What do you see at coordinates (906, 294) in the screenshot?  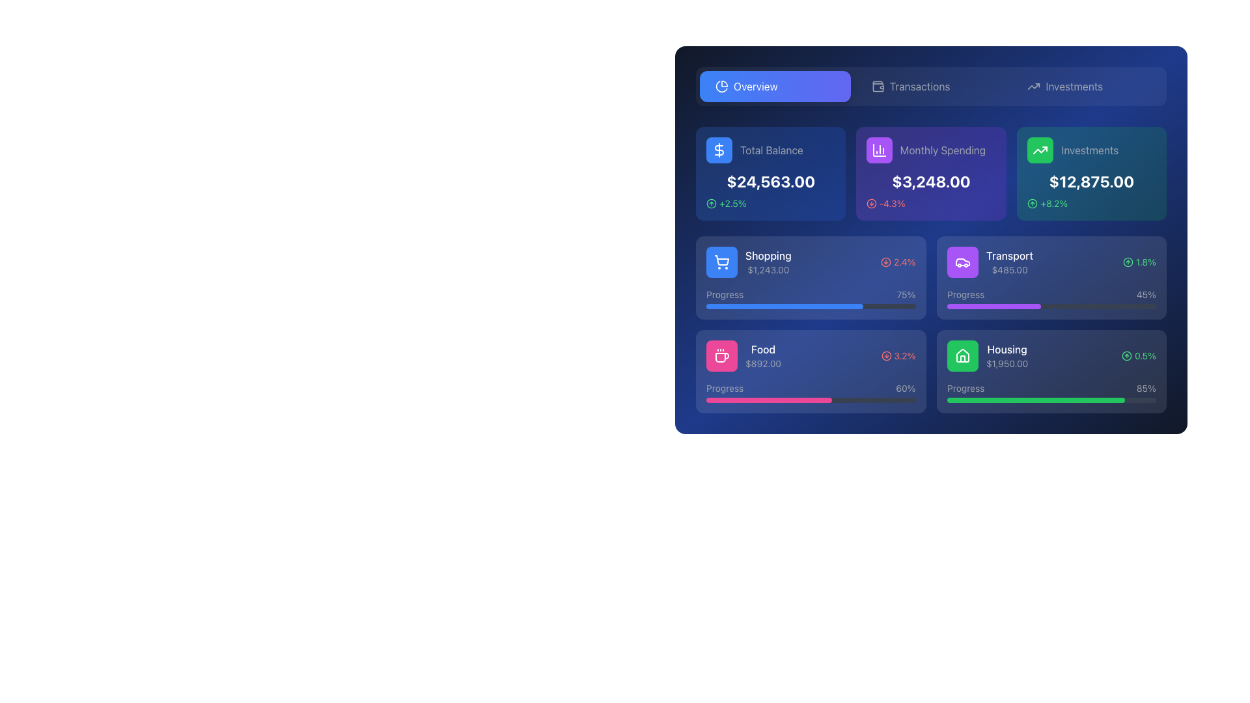 I see `the Text label that communicates a percentage value for the 'Transport' category, located to the right of the progress bar and below the 'Progress' section title` at bounding box center [906, 294].